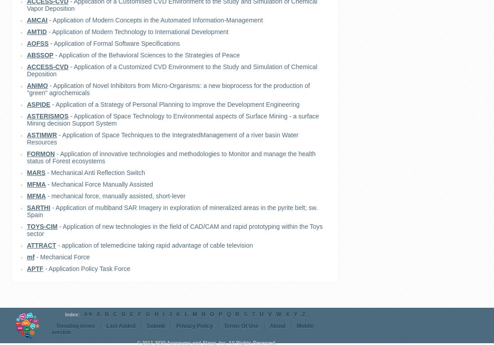  I want to click on 'K', so click(178, 314).